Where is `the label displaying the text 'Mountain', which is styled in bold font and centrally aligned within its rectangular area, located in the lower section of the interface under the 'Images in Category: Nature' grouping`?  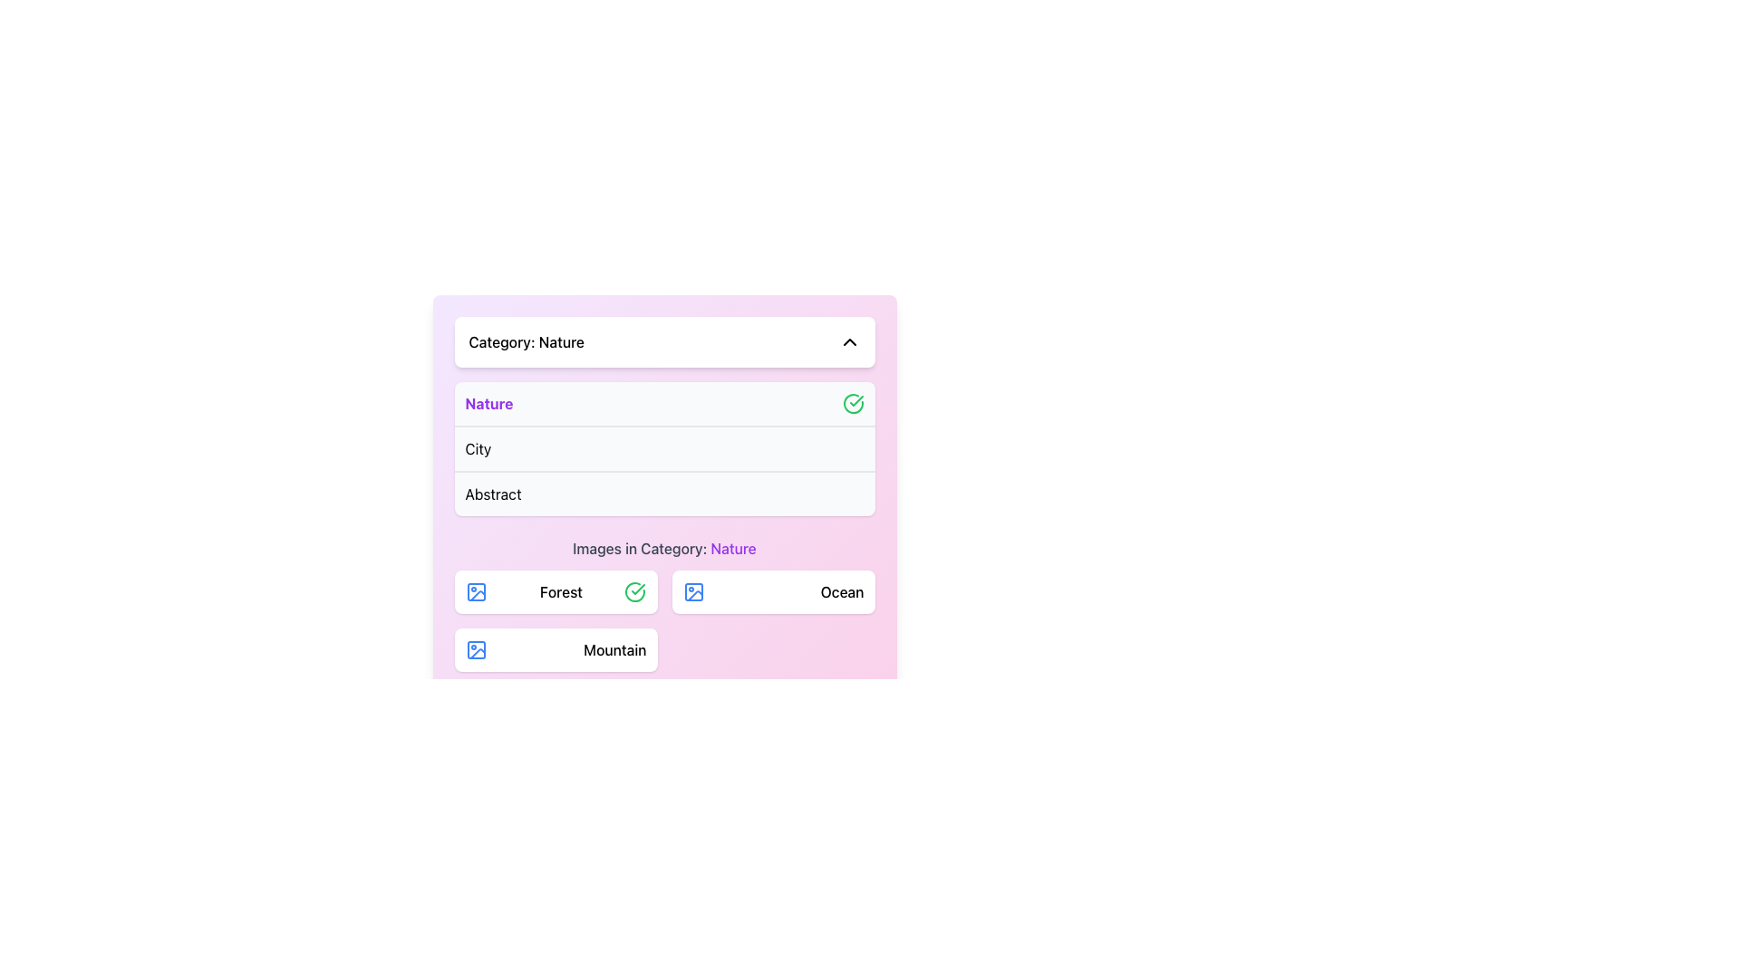
the label displaying the text 'Mountain', which is styled in bold font and centrally aligned within its rectangular area, located in the lower section of the interface under the 'Images in Category: Nature' grouping is located at coordinates (614, 648).